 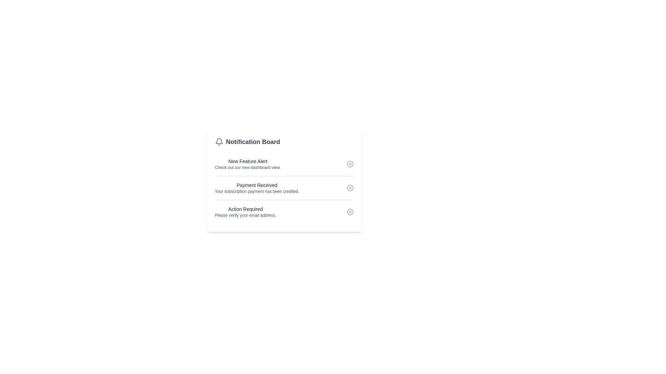 What do you see at coordinates (248, 164) in the screenshot?
I see `the first notification text block in the Notification Board that informs users about the new dashboard view` at bounding box center [248, 164].